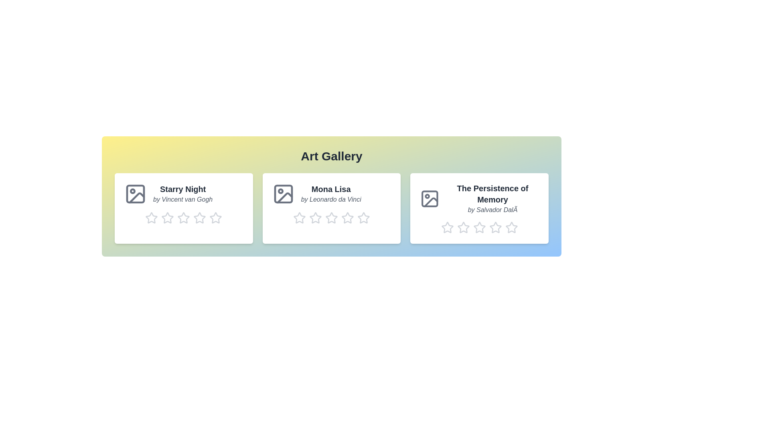 The width and height of the screenshot is (770, 433). I want to click on the rating for the artwork 'The Persistence of Memory' to 1 stars, so click(446, 227).